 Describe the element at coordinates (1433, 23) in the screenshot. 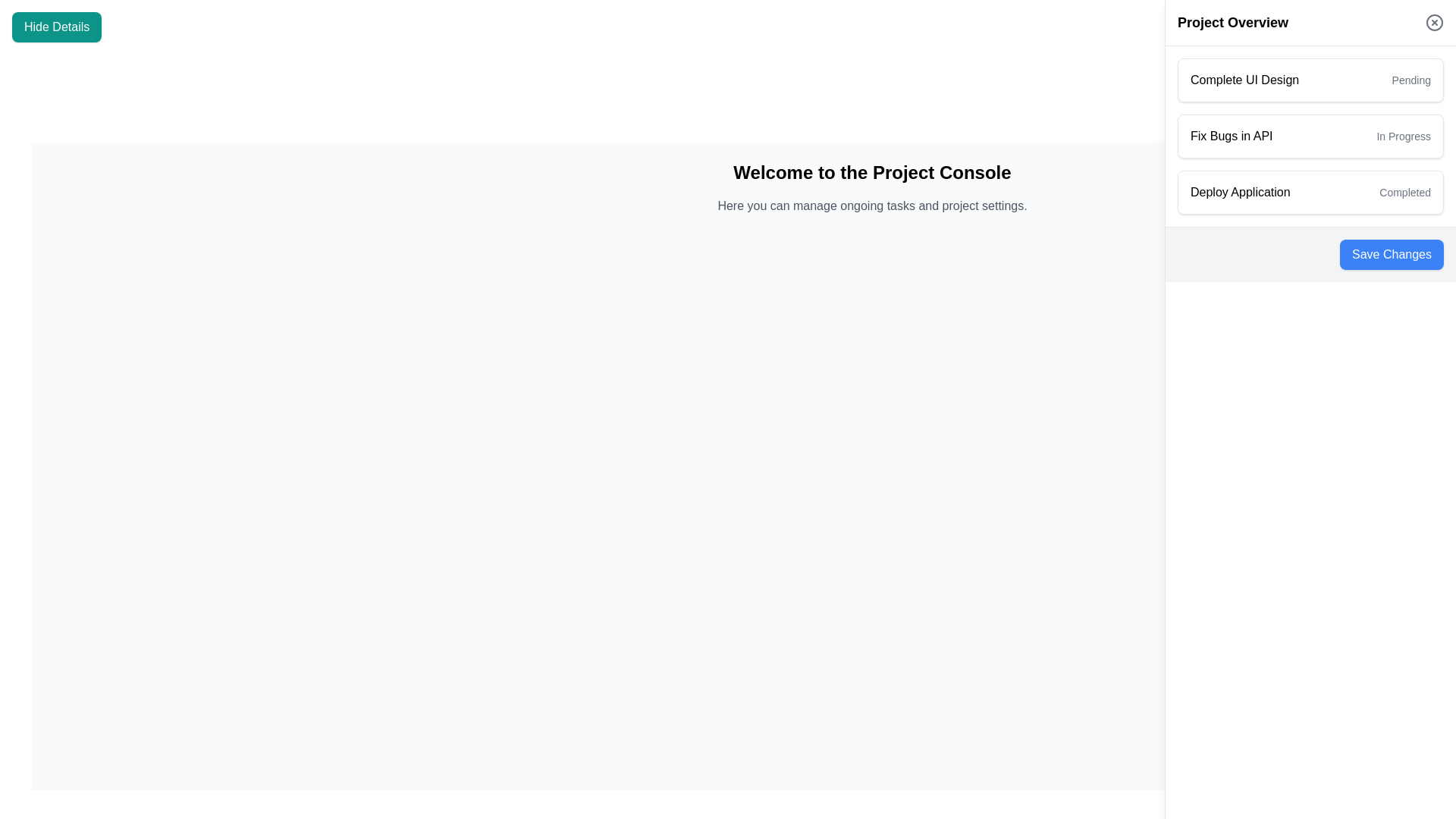

I see `the dismiss or close icon button located in the top-right corner of the 'Project Overview' section to initiate the action` at that location.